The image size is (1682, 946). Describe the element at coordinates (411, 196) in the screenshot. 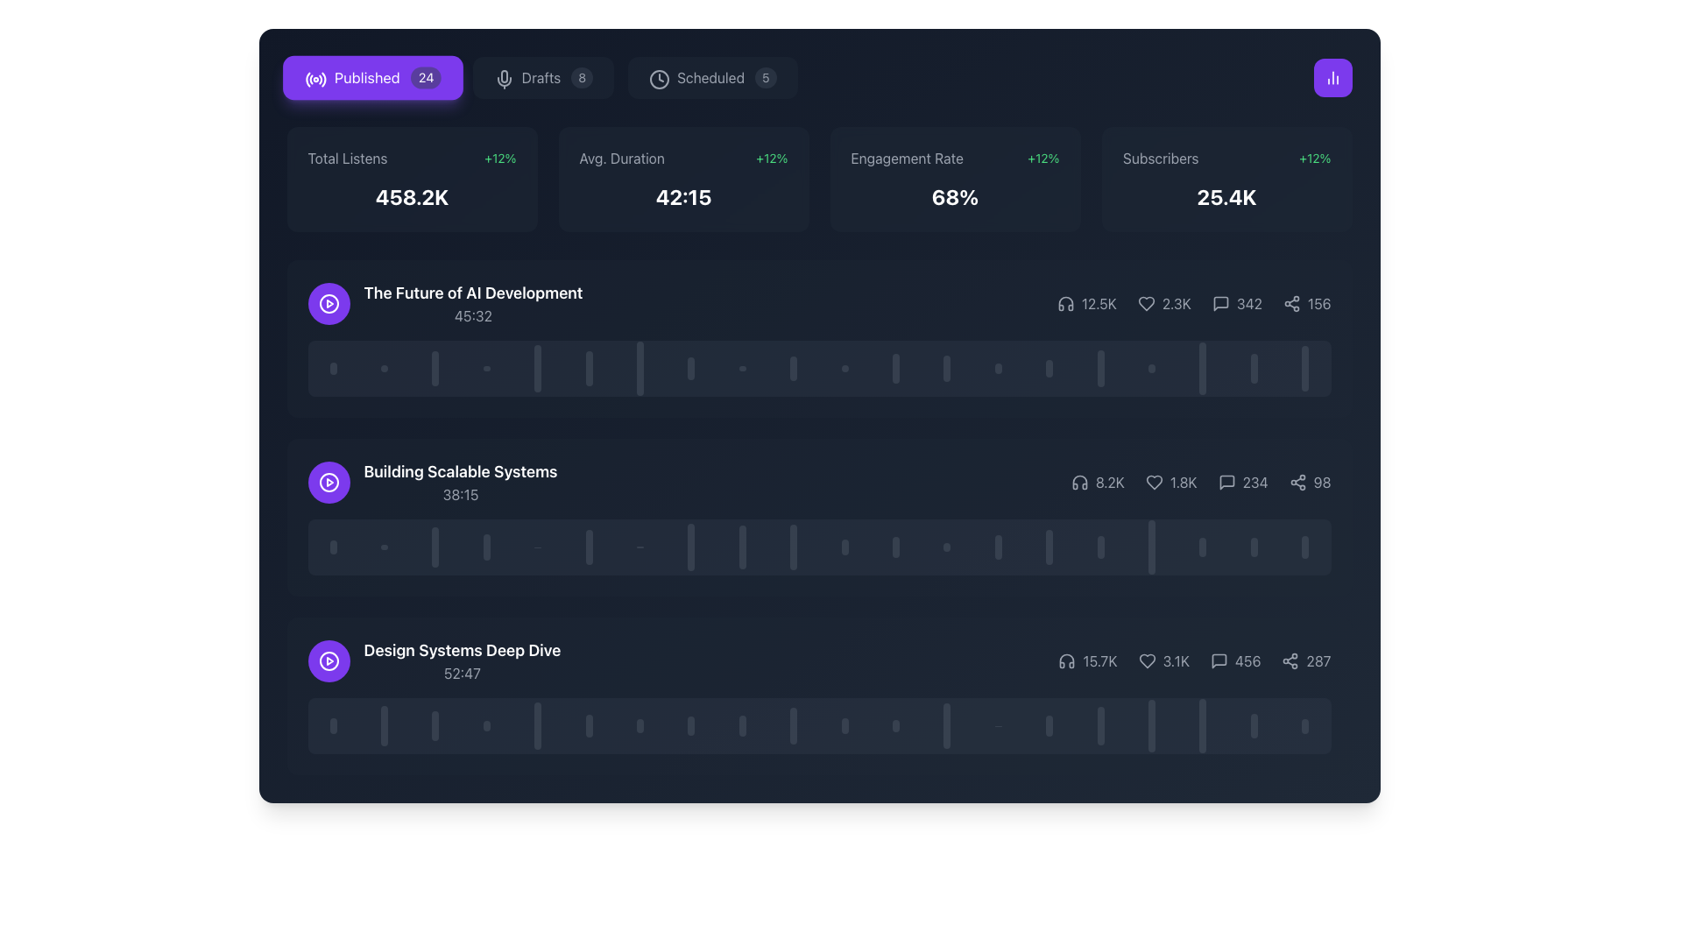

I see `the text display element that shows the total listens count, which is centrally located below the 'Total Listens' heading in the first statistics section` at that location.